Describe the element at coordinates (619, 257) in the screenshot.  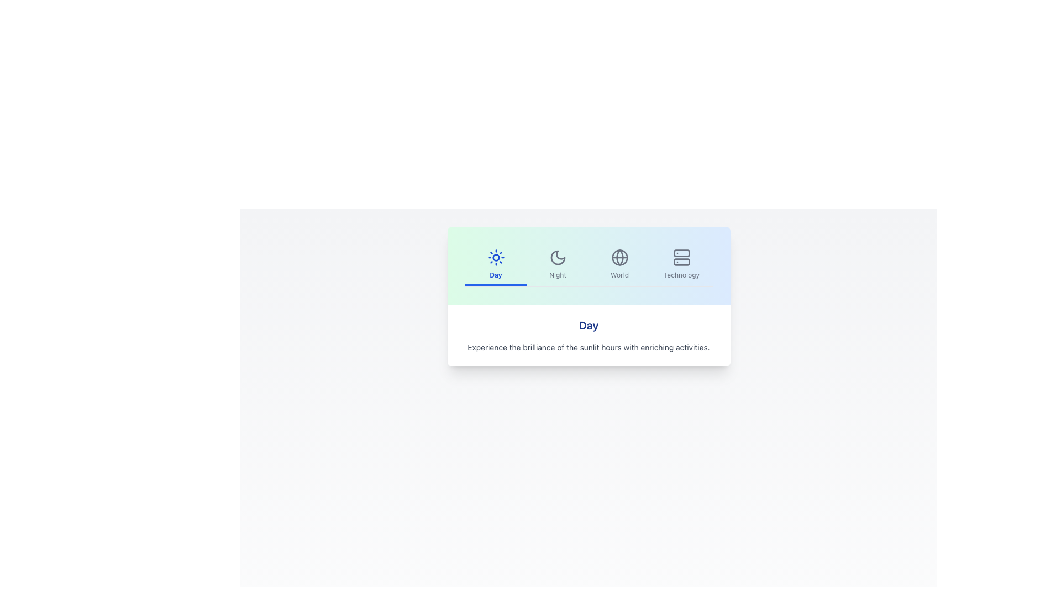
I see `the 'World' tab icon` at that location.